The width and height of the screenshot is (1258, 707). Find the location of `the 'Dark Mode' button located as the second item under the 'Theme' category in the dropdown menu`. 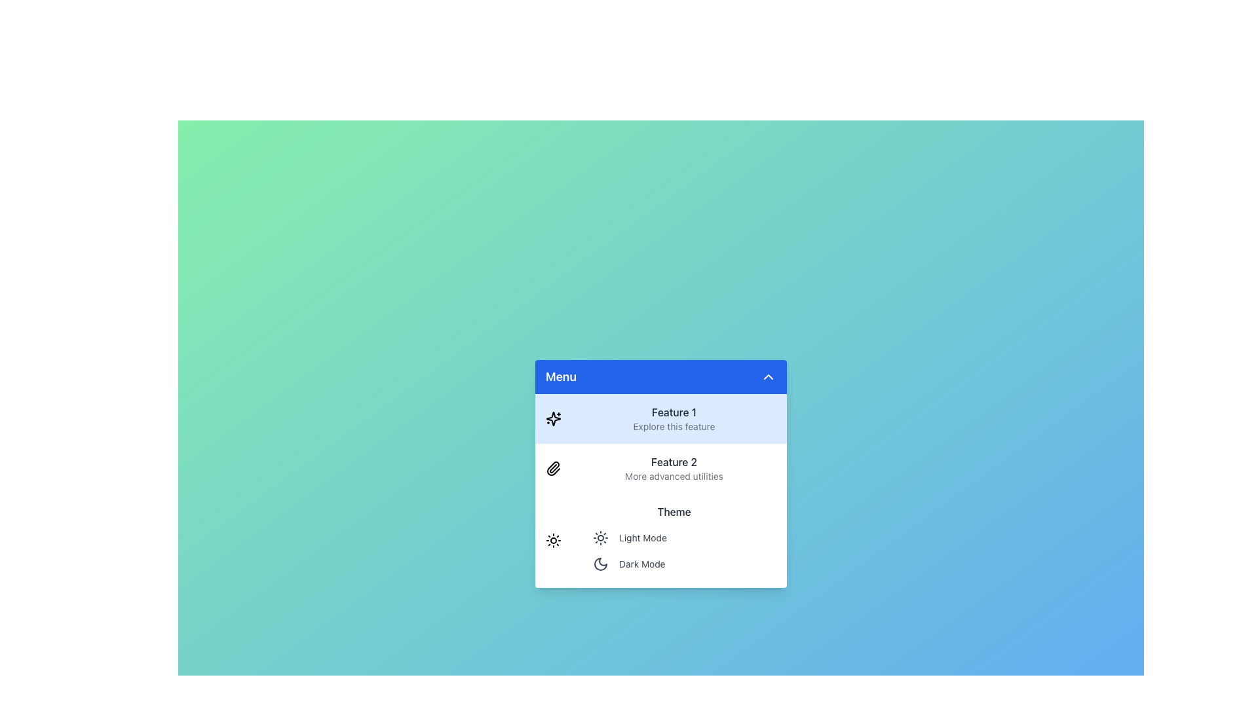

the 'Dark Mode' button located as the second item under the 'Theme' category in the dropdown menu is located at coordinates (681, 563).